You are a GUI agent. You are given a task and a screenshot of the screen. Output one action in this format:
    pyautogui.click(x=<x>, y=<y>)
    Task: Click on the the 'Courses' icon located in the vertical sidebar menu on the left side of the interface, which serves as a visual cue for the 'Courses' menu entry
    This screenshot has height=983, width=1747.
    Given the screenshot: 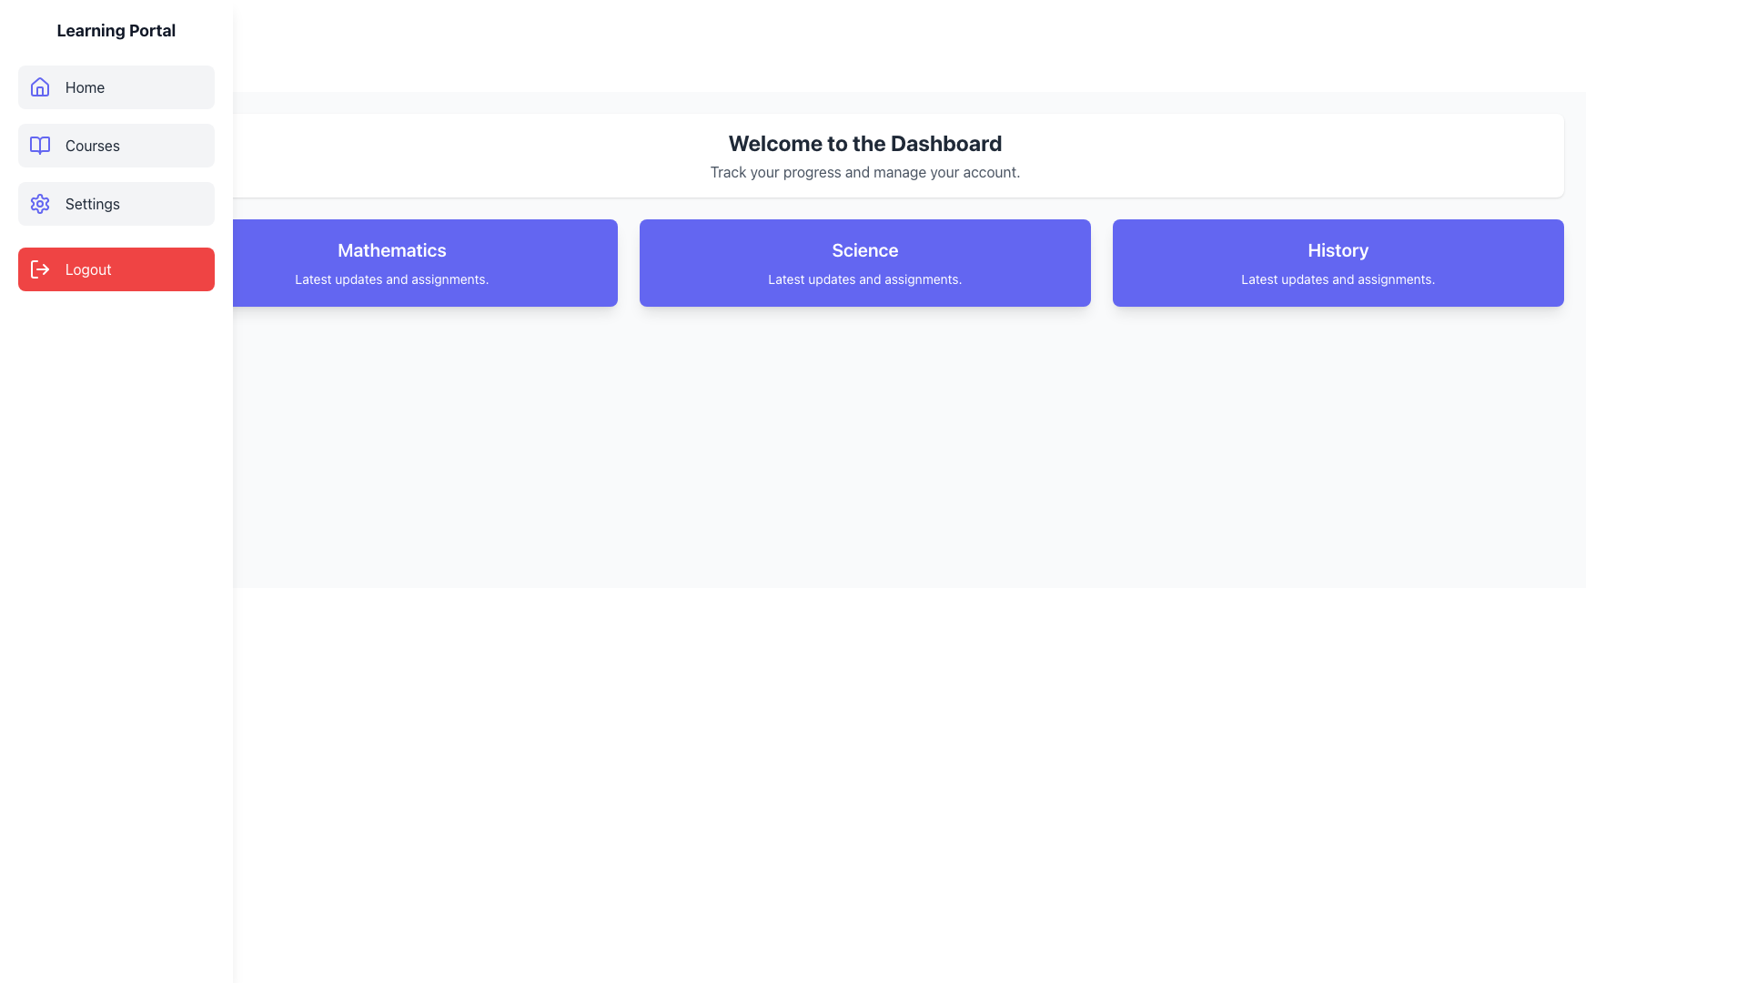 What is the action you would take?
    pyautogui.click(x=39, y=144)
    